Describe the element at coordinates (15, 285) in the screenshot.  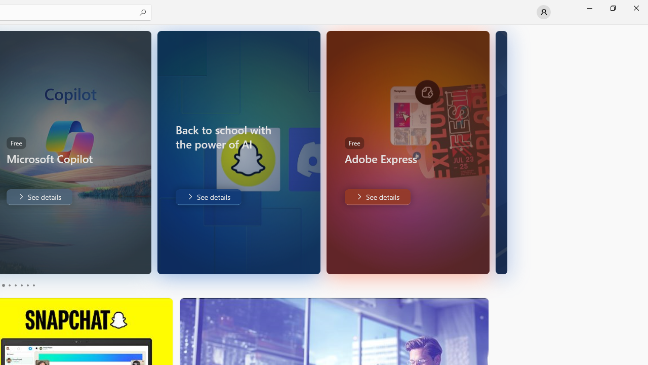
I see `'Page 3'` at that location.